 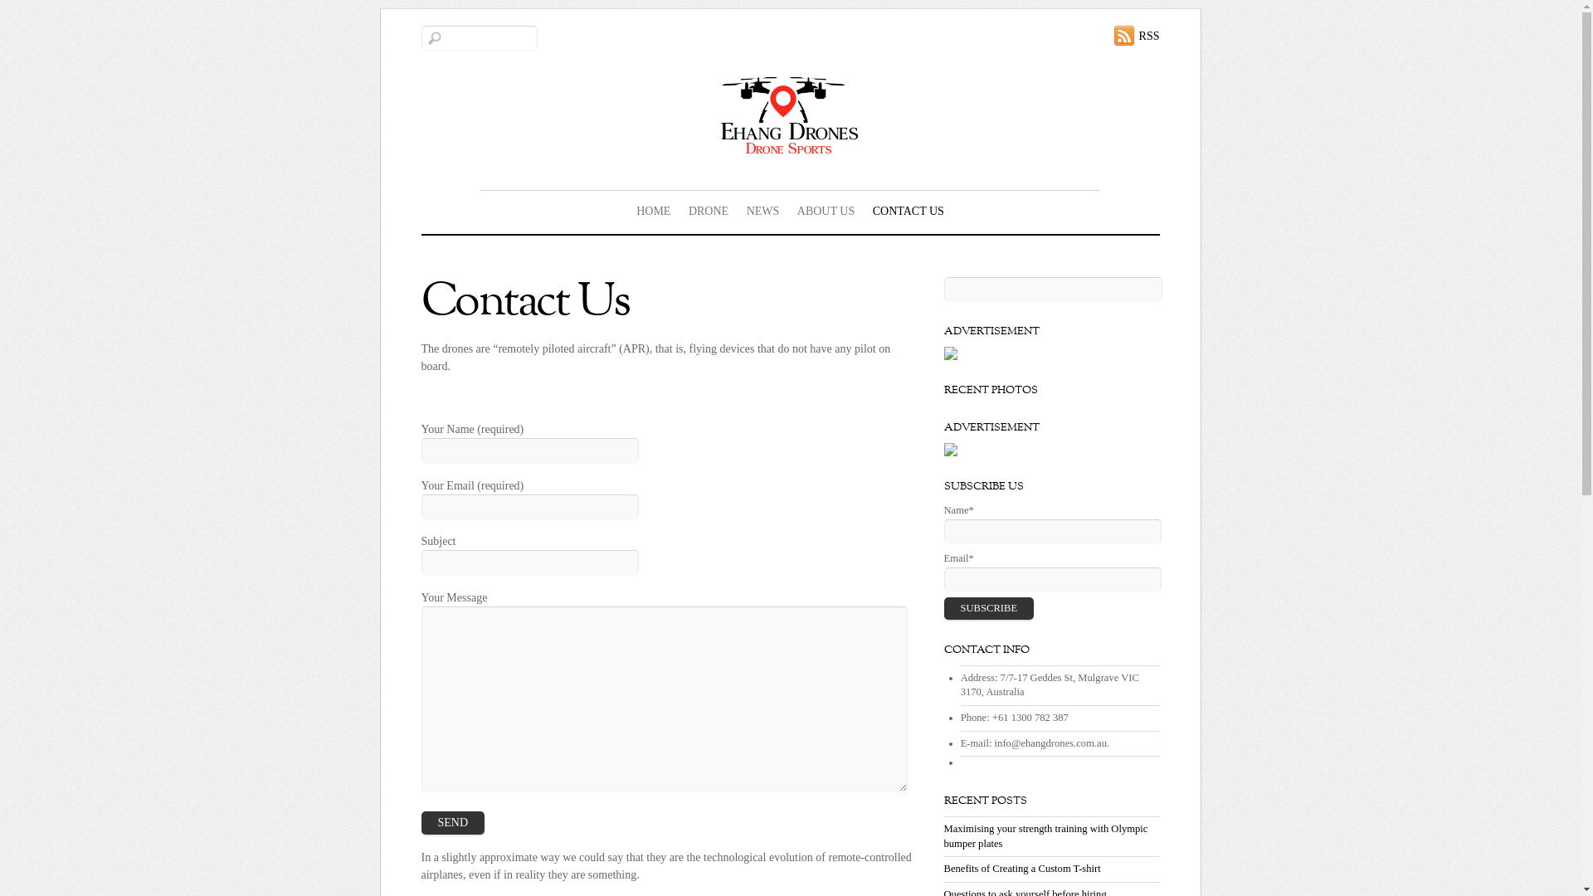 I want to click on 'DRONE', so click(x=709, y=210).